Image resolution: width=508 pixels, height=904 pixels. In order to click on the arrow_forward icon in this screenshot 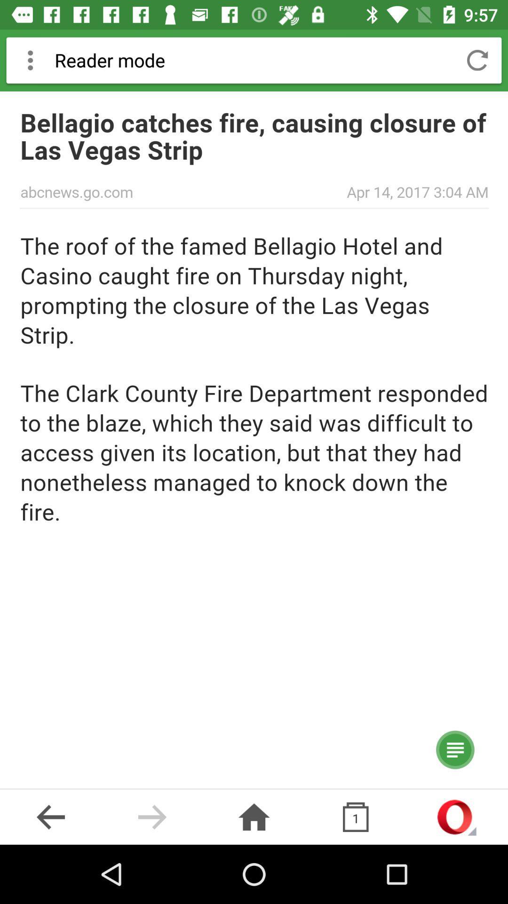, I will do `click(152, 816)`.